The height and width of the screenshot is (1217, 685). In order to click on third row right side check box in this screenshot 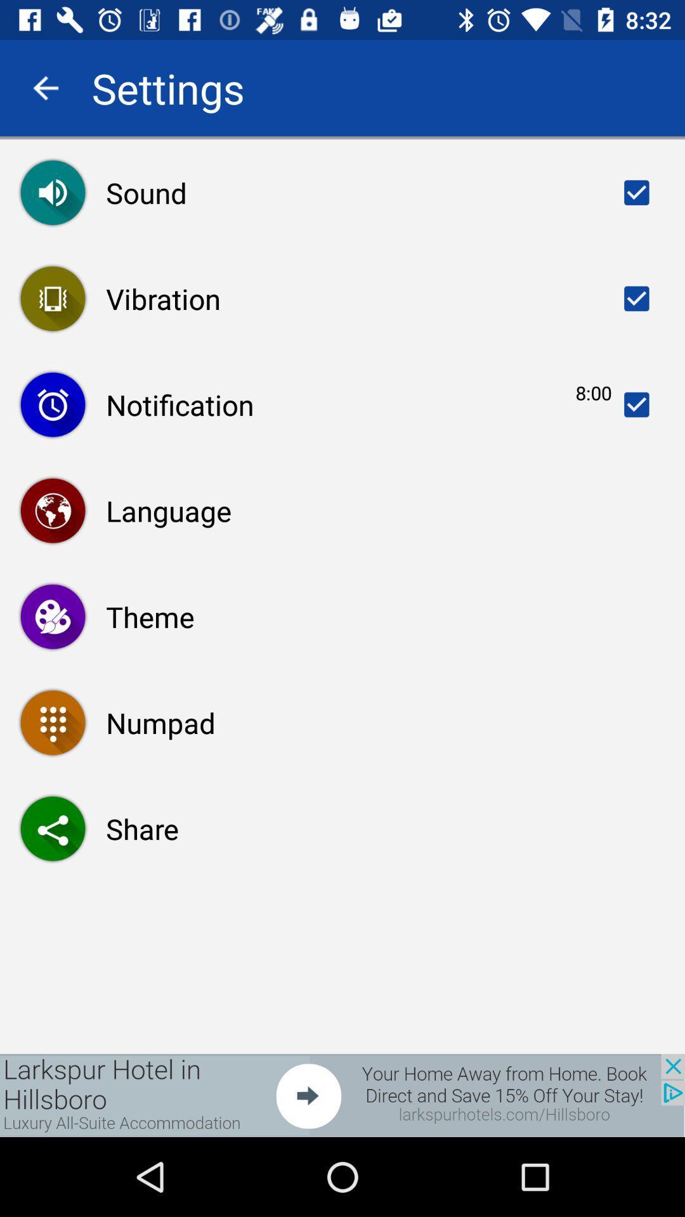, I will do `click(636, 404)`.